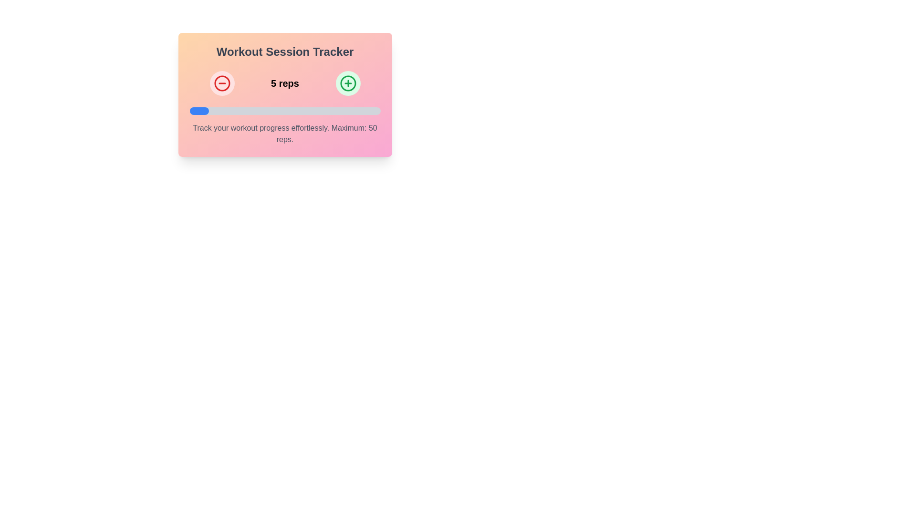 This screenshot has height=515, width=916. I want to click on slider progress, so click(204, 110).